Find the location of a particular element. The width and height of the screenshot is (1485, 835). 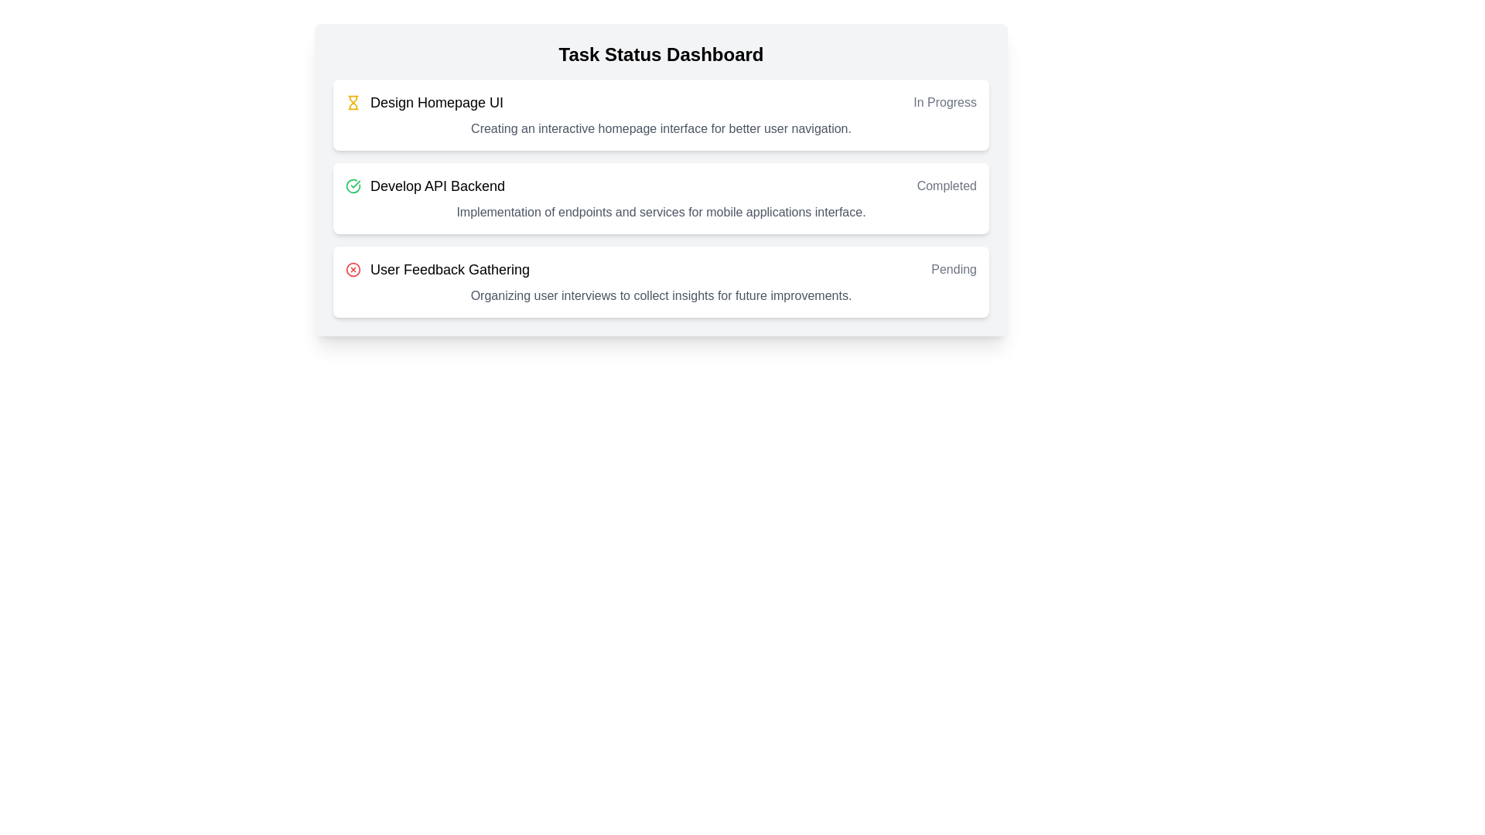

the yellow hourglass icon located on the left side of the 'Design Homepage UI' task row is located at coordinates (352, 102).